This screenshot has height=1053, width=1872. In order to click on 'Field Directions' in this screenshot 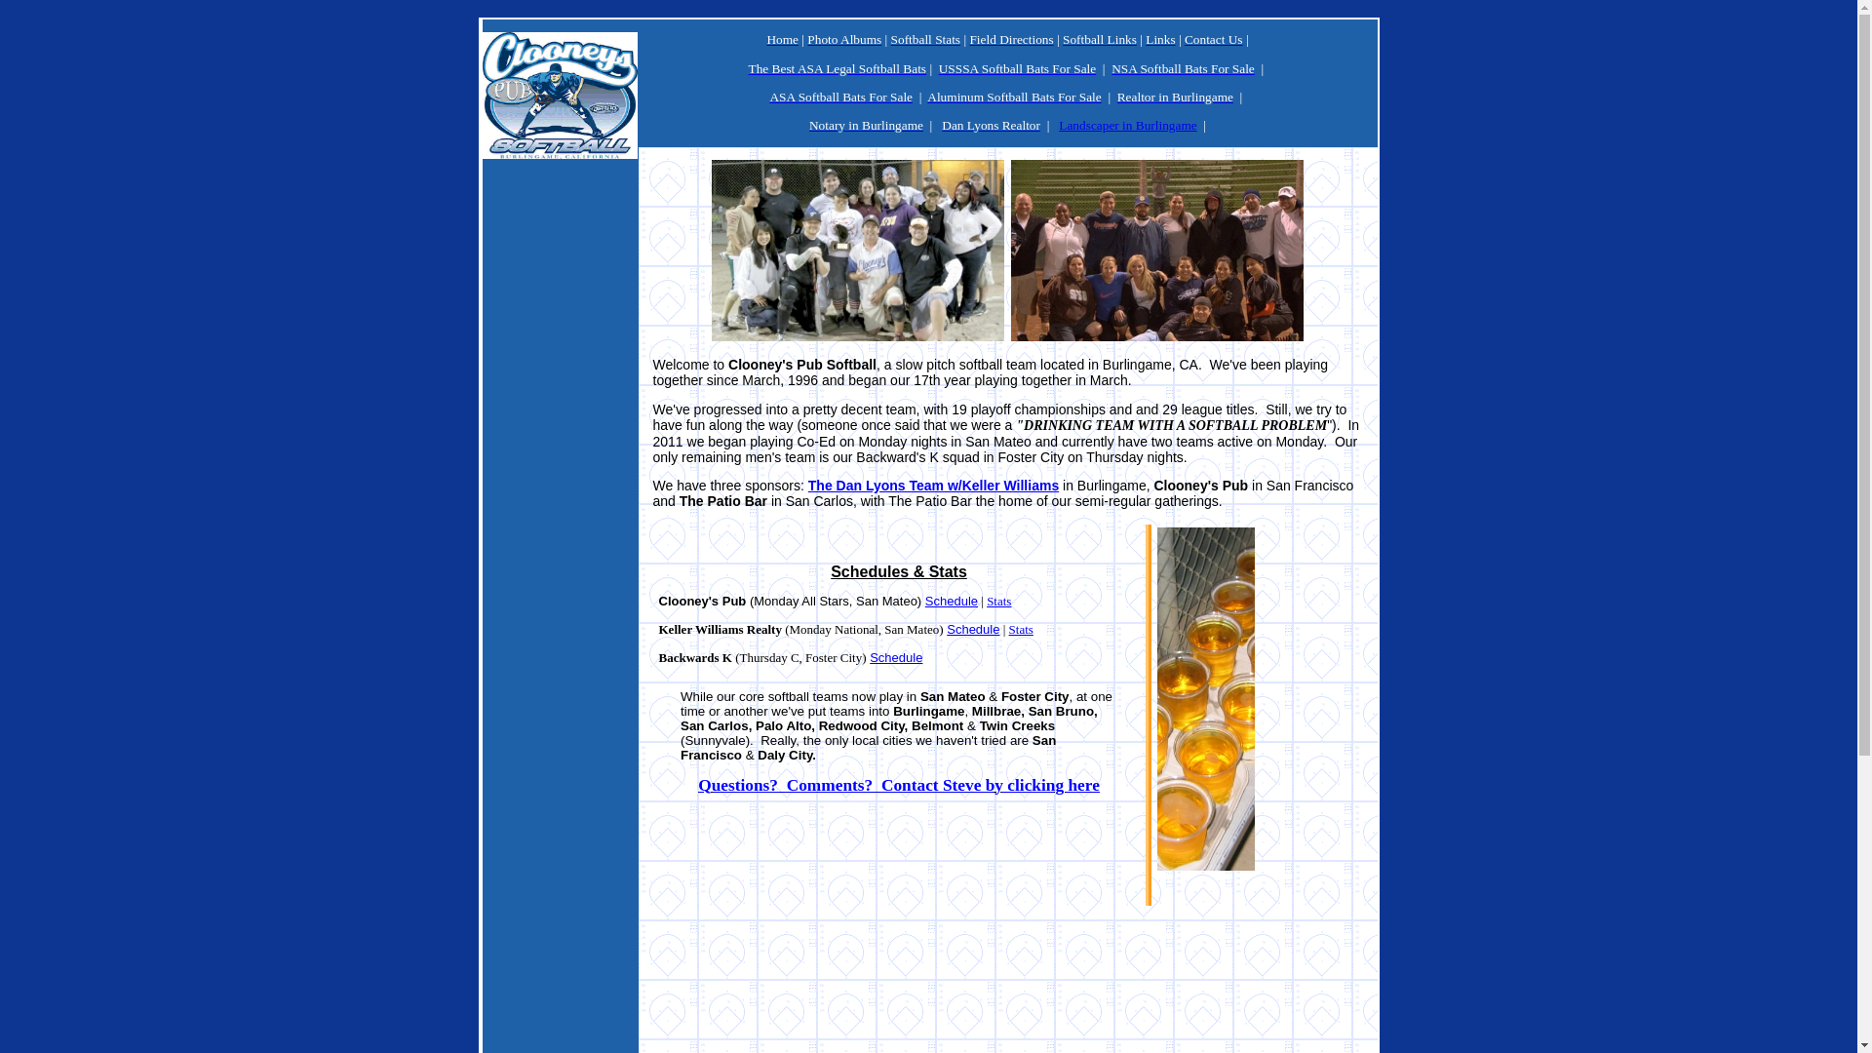, I will do `click(968, 39)`.